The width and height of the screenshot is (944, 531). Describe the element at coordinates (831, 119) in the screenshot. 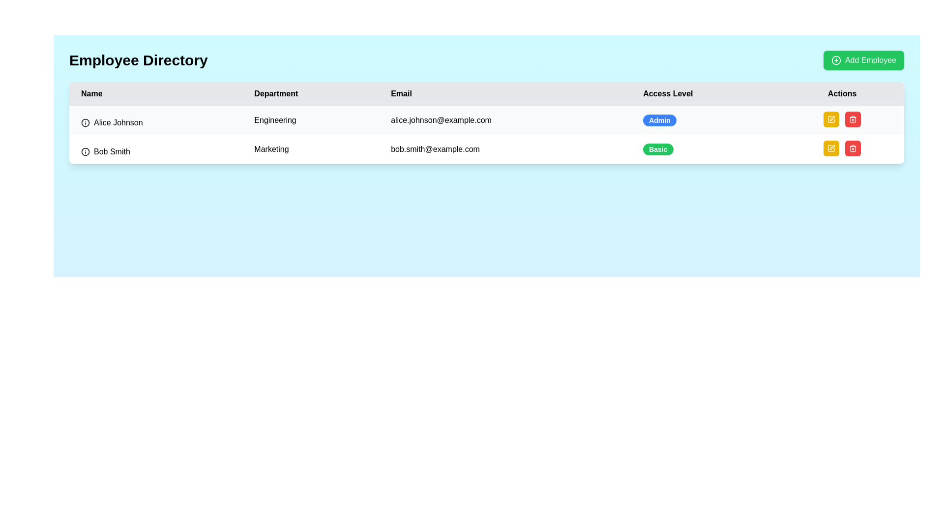

I see `button with a yellow background and white text located in the 'Actions' column of the second row, positioned just before the red trash icon button` at that location.